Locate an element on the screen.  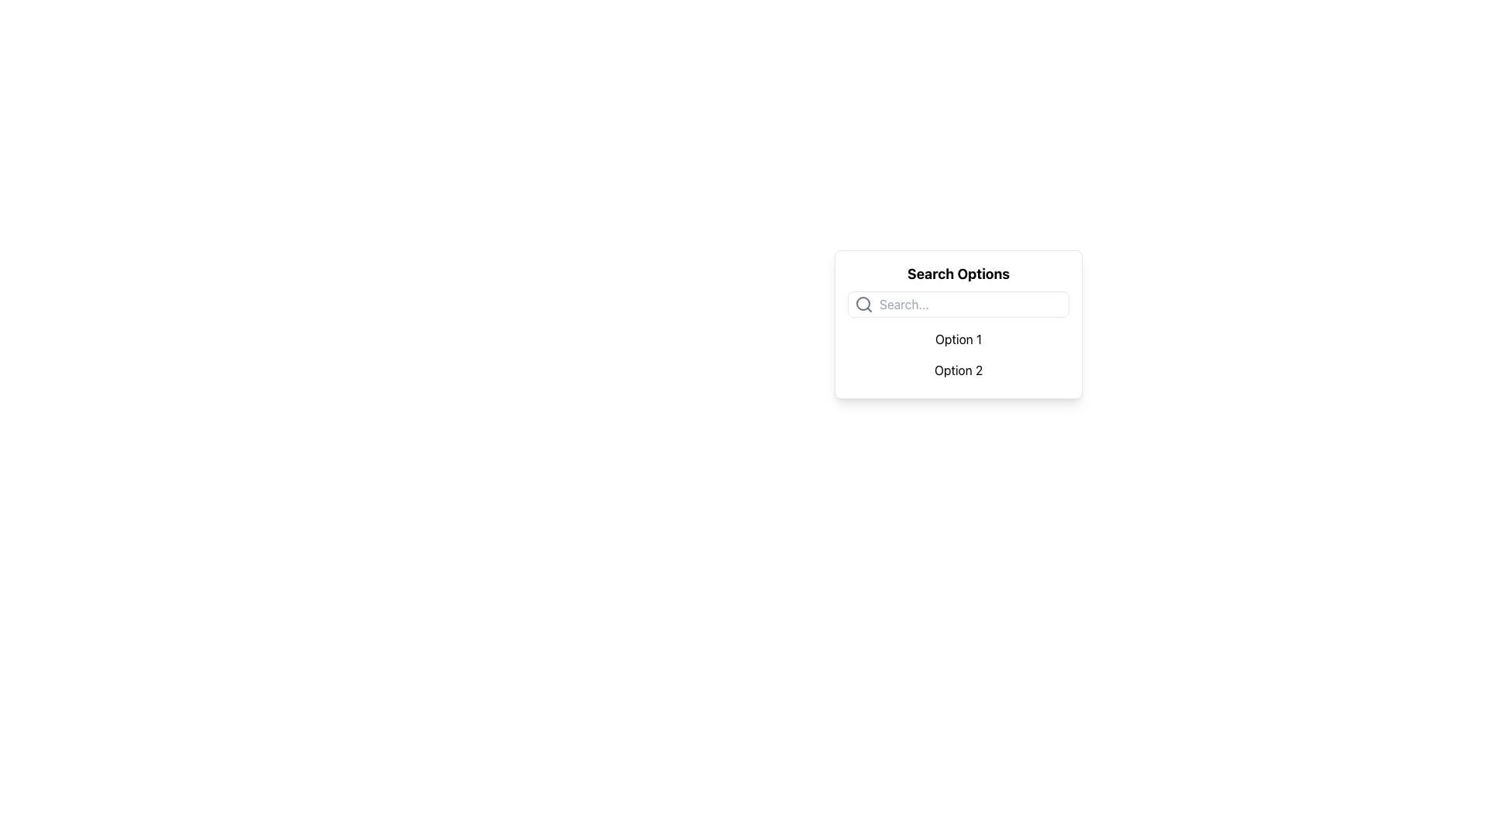
the SVG Circle that serves as a visual component of the search icon, located near the top-left corner of the input field labeled 'Search' is located at coordinates (862, 304).